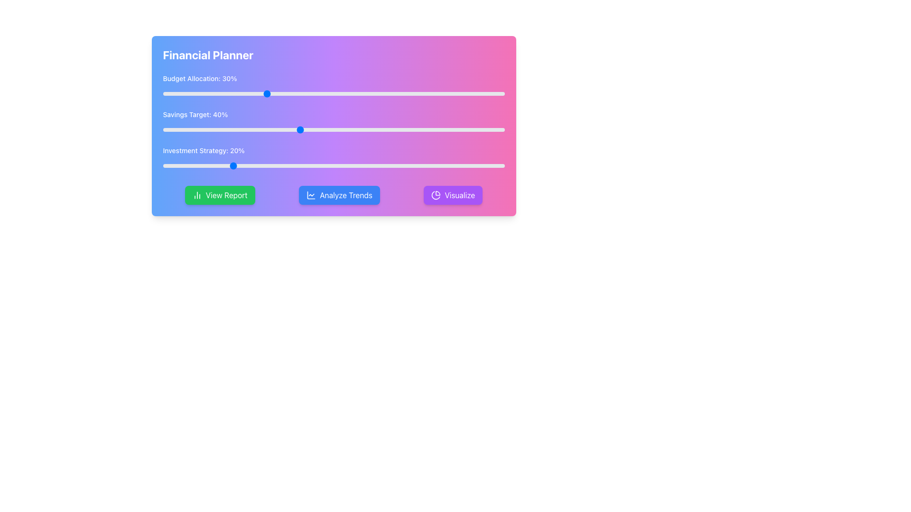 The image size is (911, 512). Describe the element at coordinates (453, 195) in the screenshot. I see `the 'Visualize' button, which has a purple background and white text, located at the rightmost position in the horizontal group of three buttons at the bottom section of the interface` at that location.